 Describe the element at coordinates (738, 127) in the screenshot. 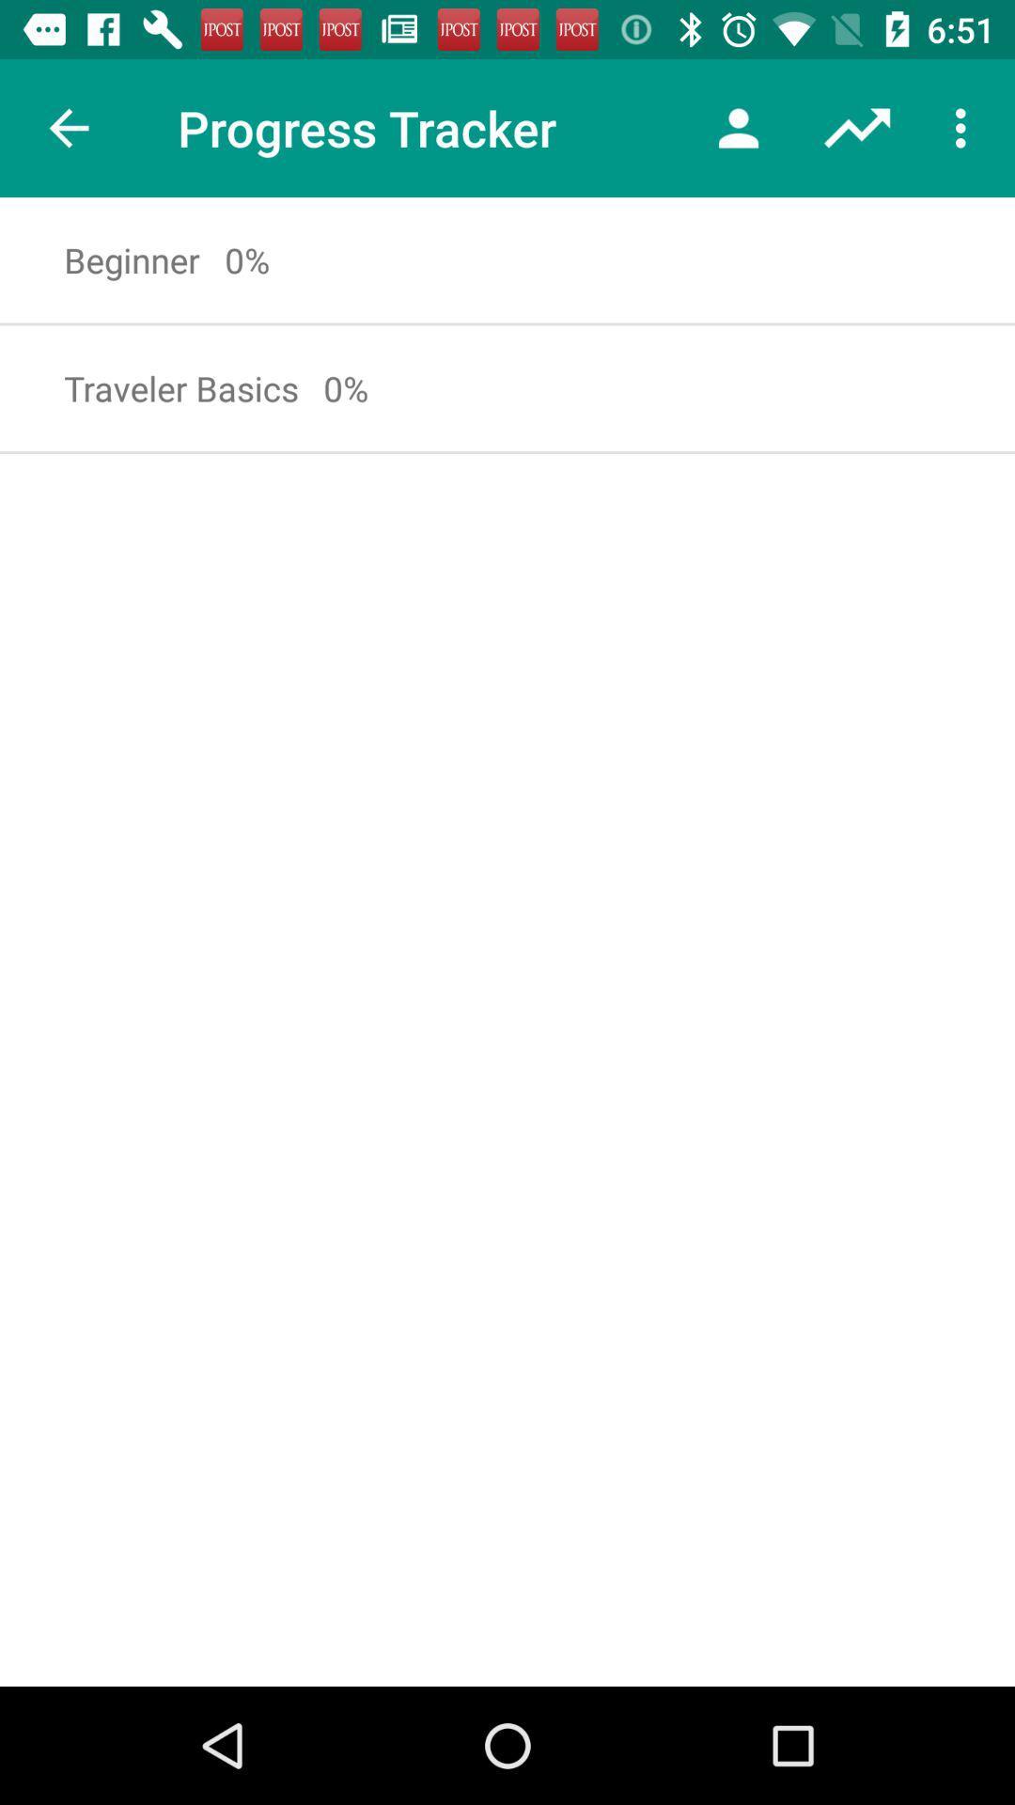

I see `item to the right of progress tracker item` at that location.